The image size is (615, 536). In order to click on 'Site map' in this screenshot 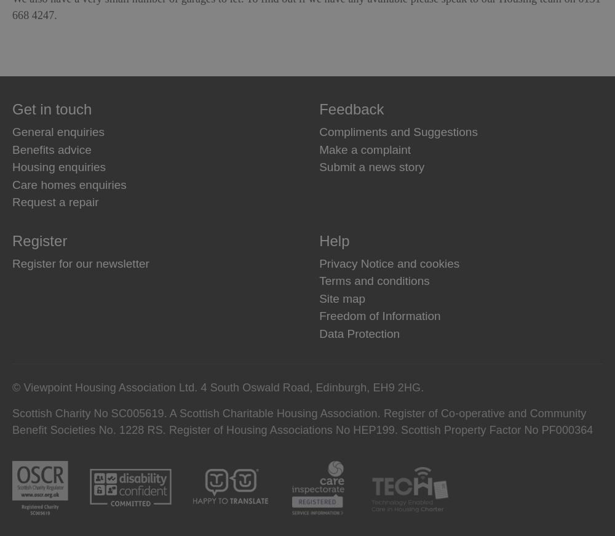, I will do `click(319, 298)`.